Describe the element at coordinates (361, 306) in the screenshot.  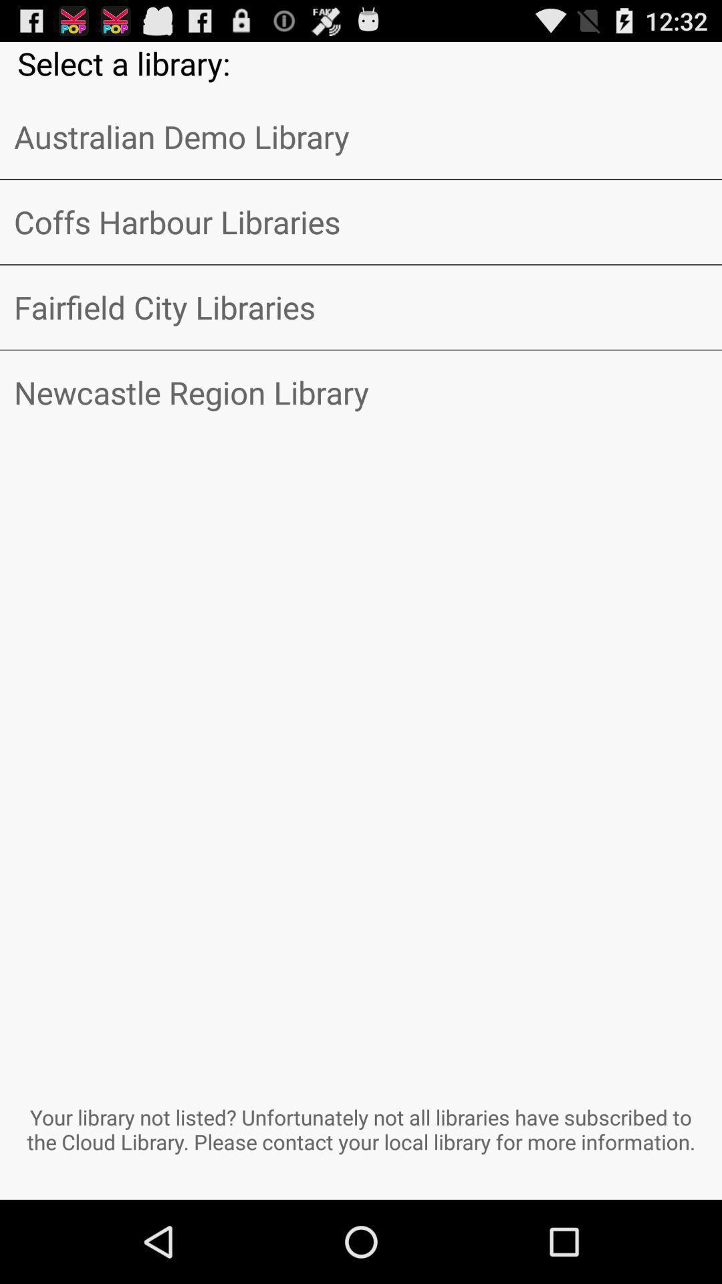
I see `the fairfield city libraries` at that location.